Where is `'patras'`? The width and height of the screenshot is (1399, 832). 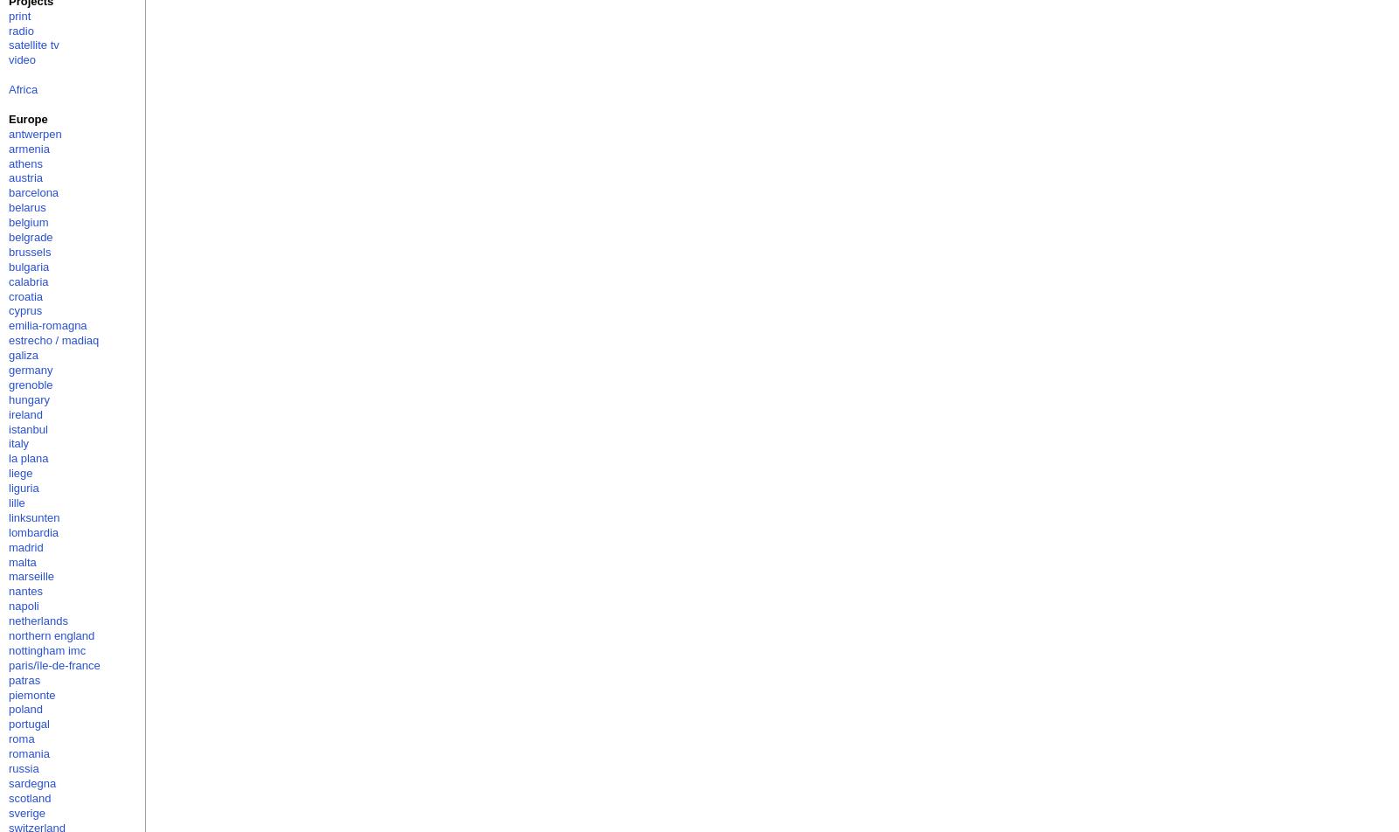 'patras' is located at coordinates (24, 679).